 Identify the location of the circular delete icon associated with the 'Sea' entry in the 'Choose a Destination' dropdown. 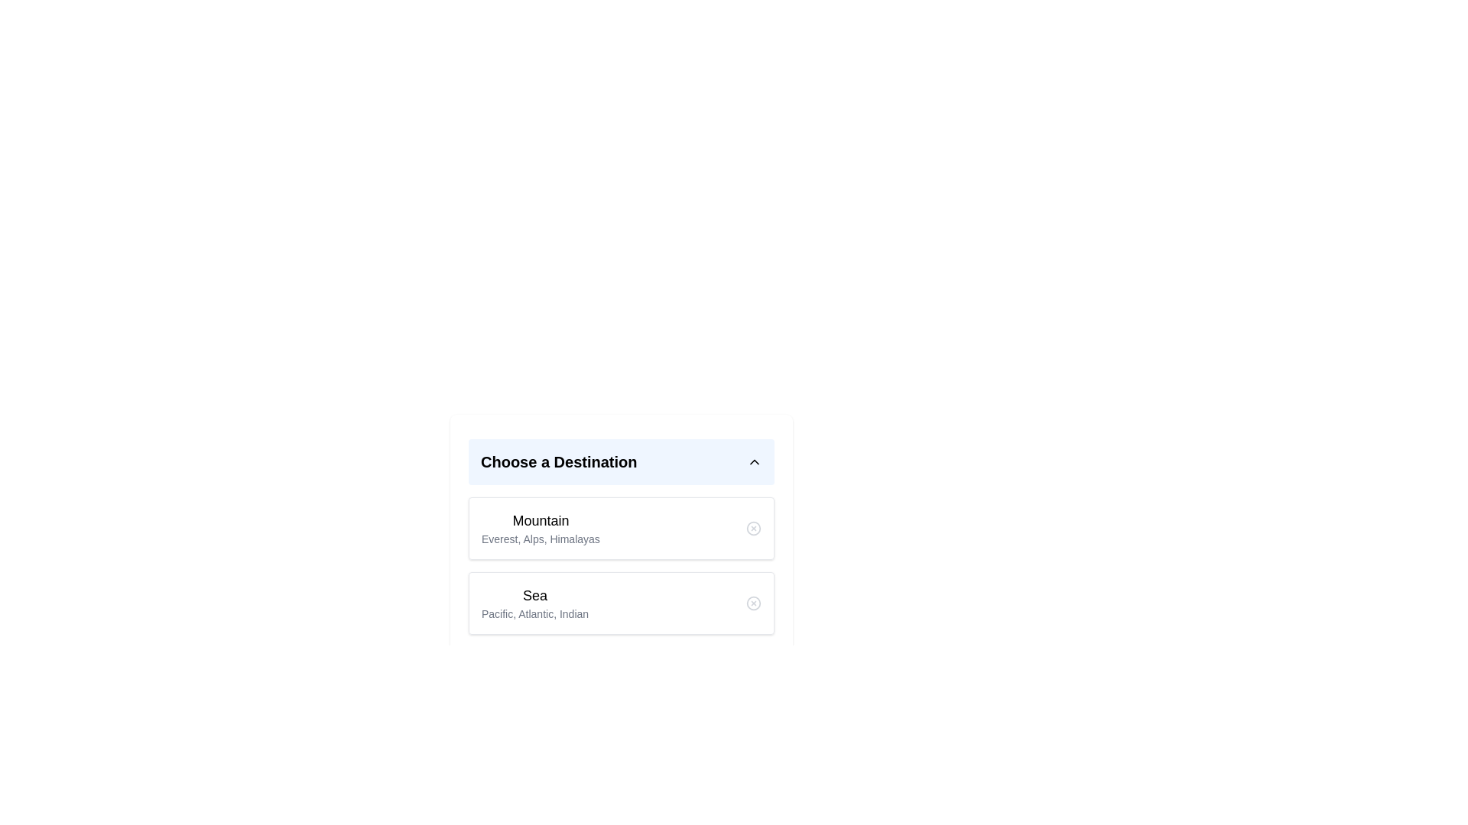
(753, 603).